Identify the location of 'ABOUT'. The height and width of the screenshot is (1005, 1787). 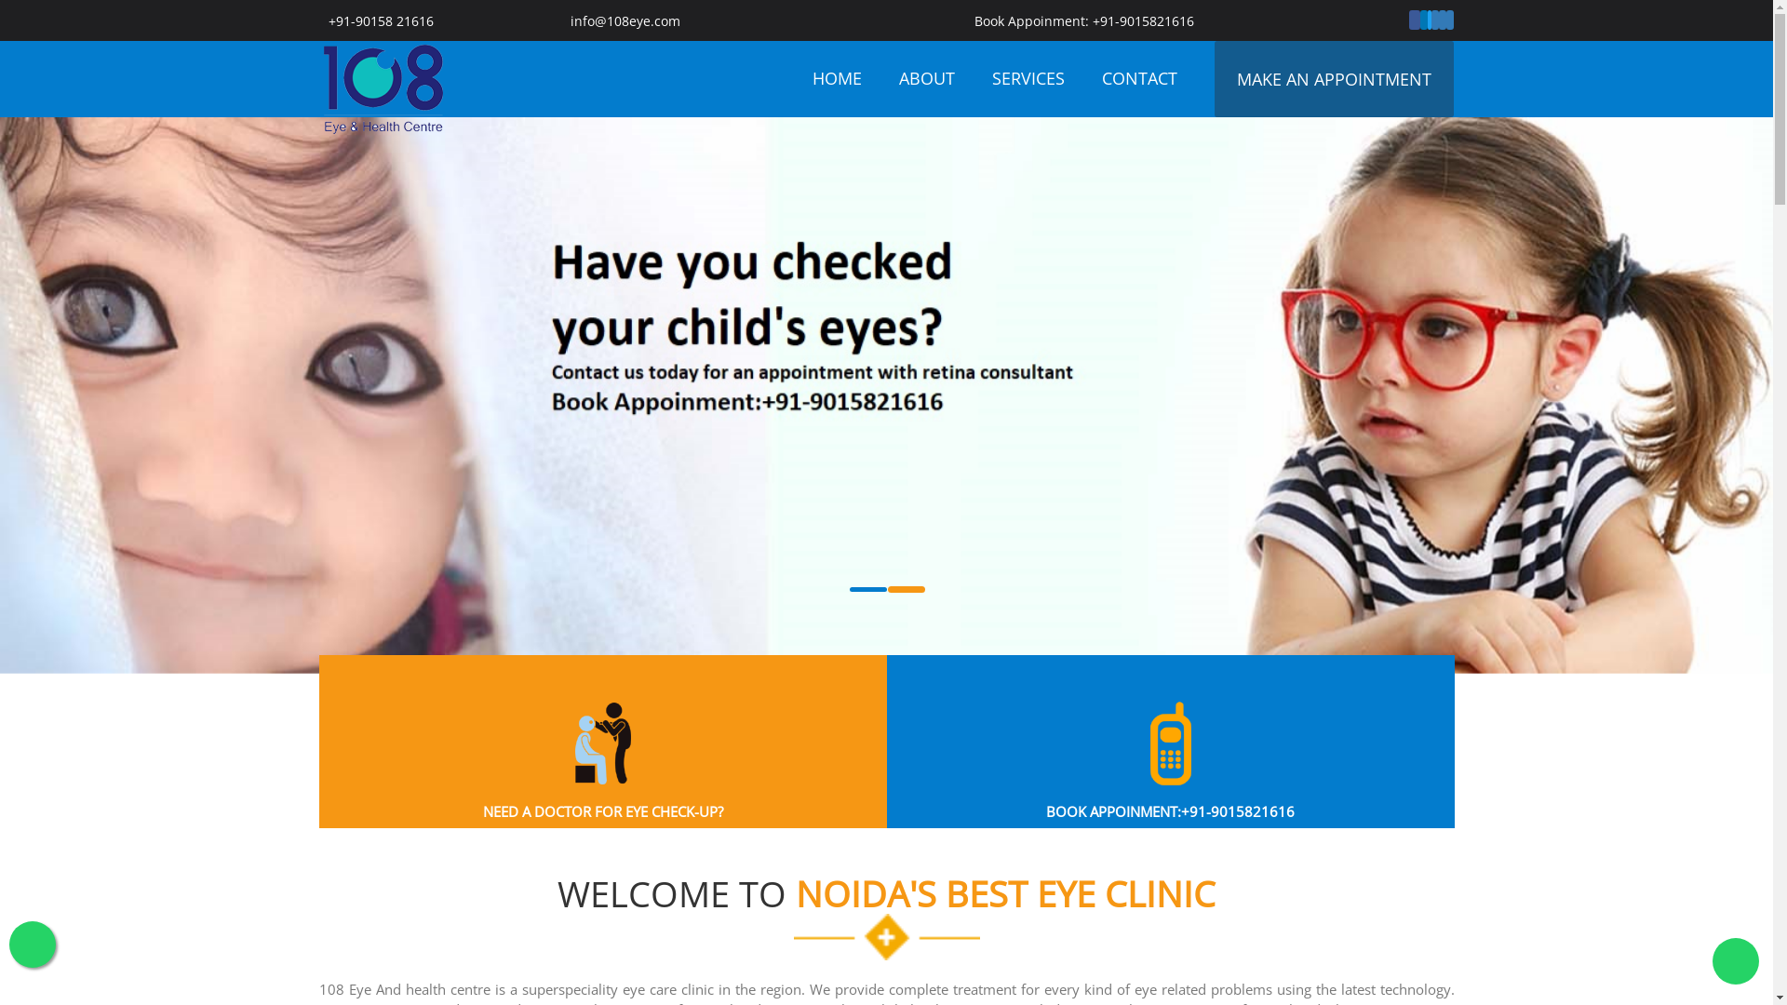
(898, 77).